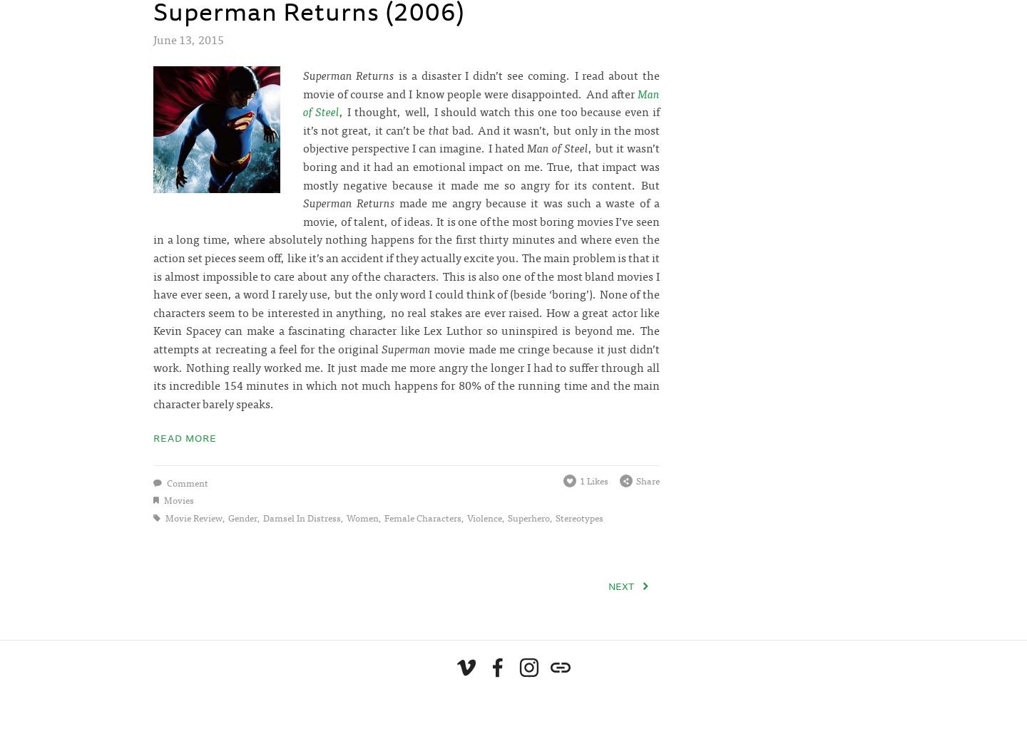 Image resolution: width=1027 pixels, height=736 pixels. I want to click on 'that', so click(437, 128).